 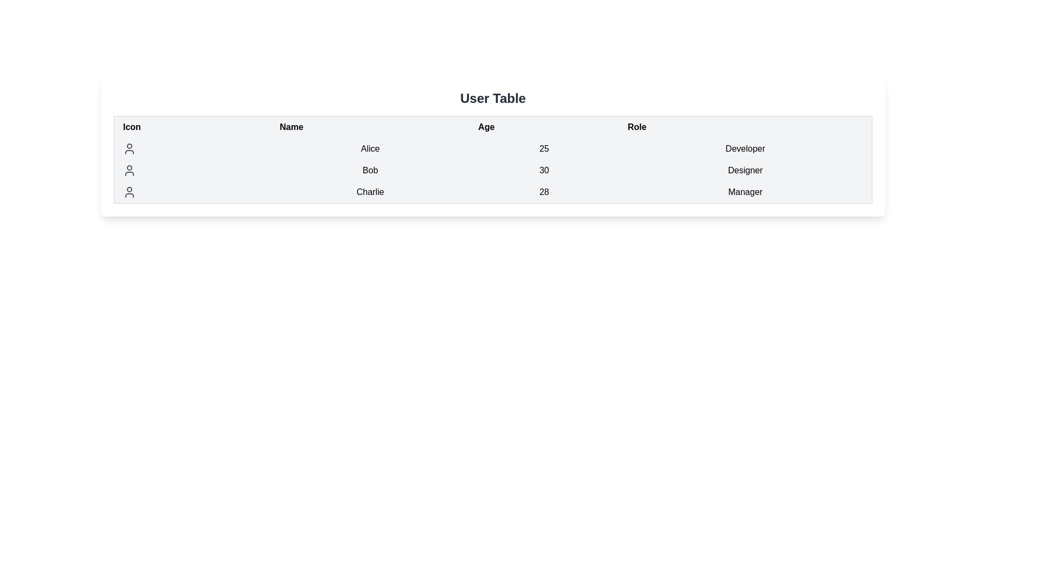 I want to click on the user icon representing 'Bob', so click(x=130, y=171).